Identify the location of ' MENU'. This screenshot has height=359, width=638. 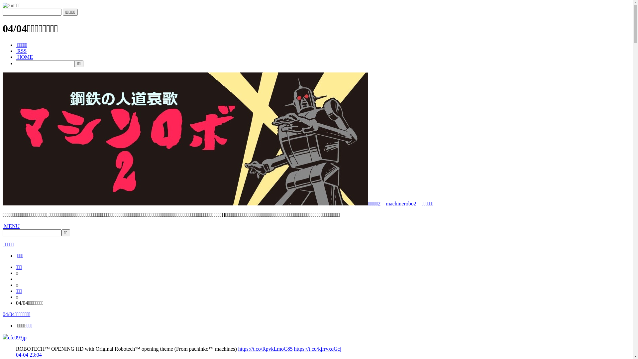
(11, 226).